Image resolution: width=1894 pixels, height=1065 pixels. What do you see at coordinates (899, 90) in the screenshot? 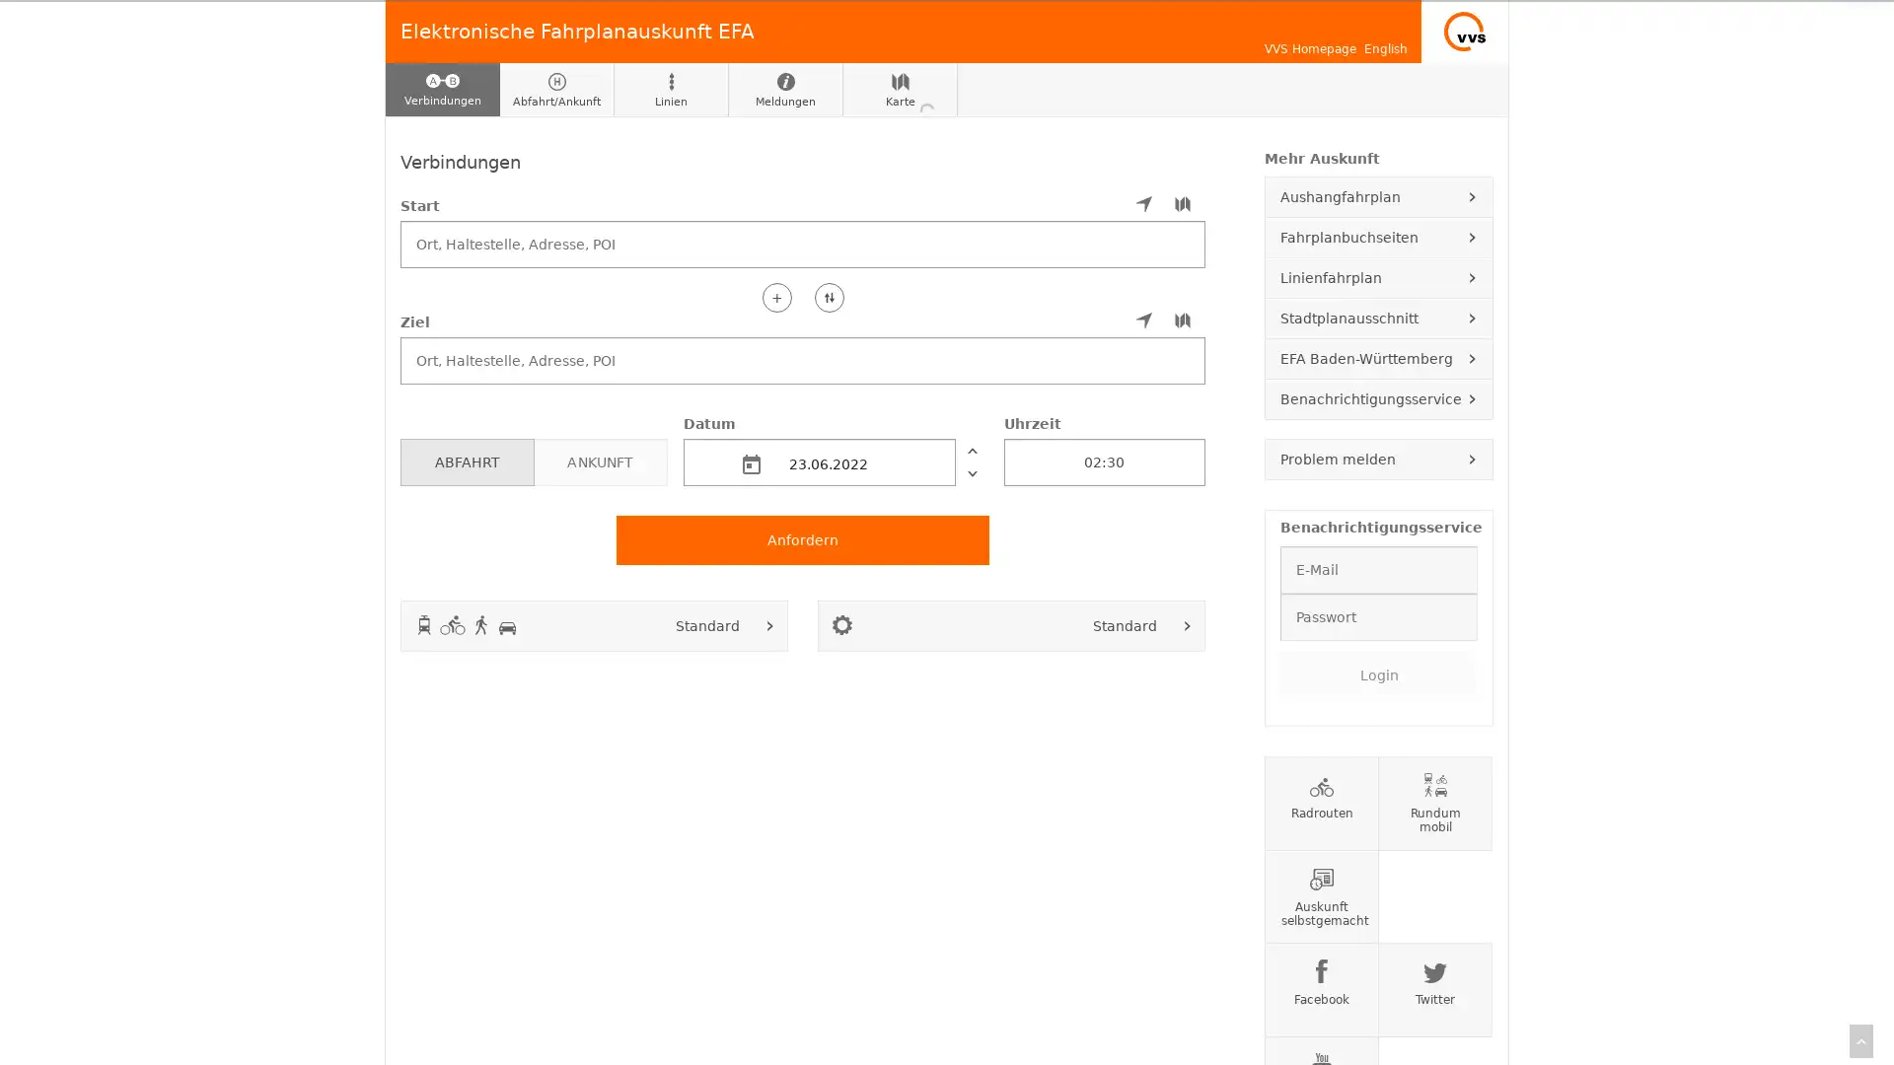
I see `Karte` at bounding box center [899, 90].